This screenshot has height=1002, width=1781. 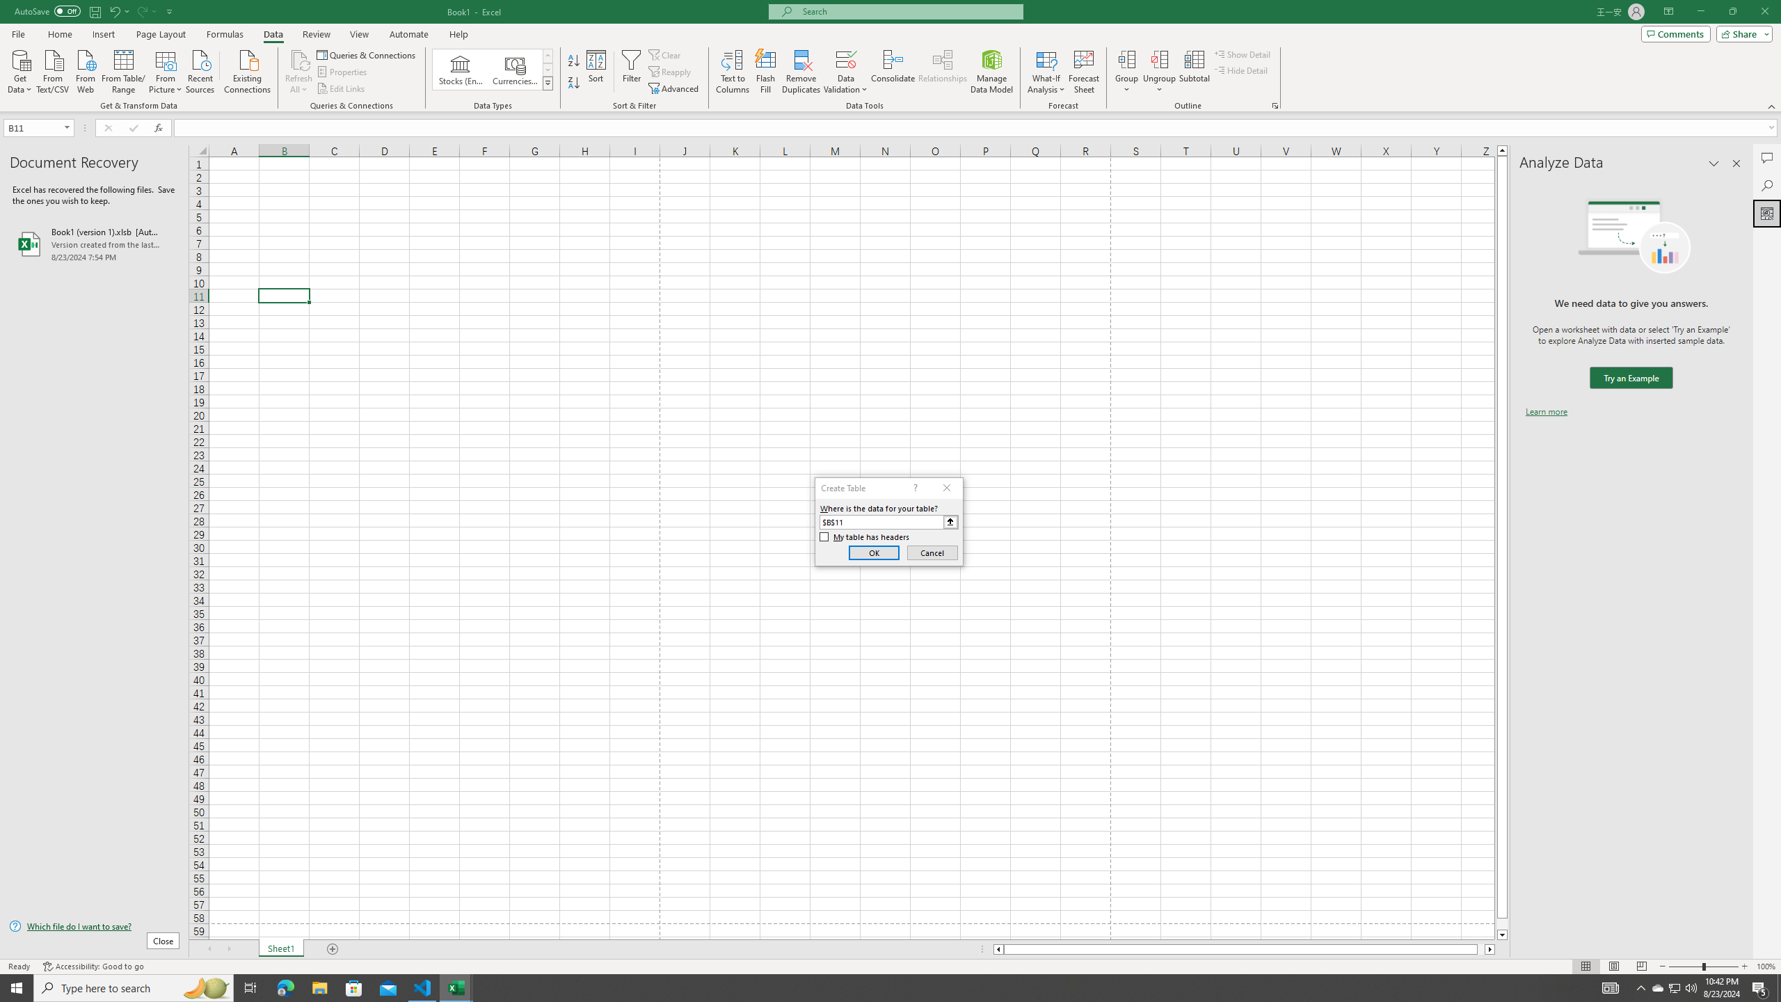 I want to click on 'Data Validation...', so click(x=845, y=72).